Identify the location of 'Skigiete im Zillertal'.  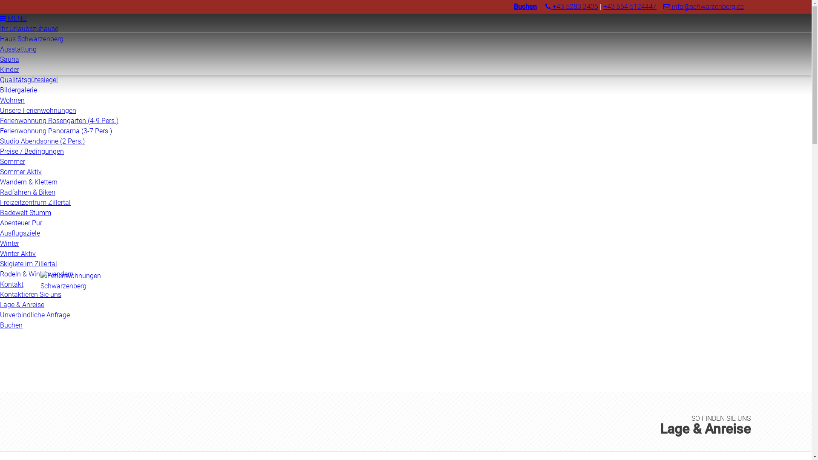
(29, 263).